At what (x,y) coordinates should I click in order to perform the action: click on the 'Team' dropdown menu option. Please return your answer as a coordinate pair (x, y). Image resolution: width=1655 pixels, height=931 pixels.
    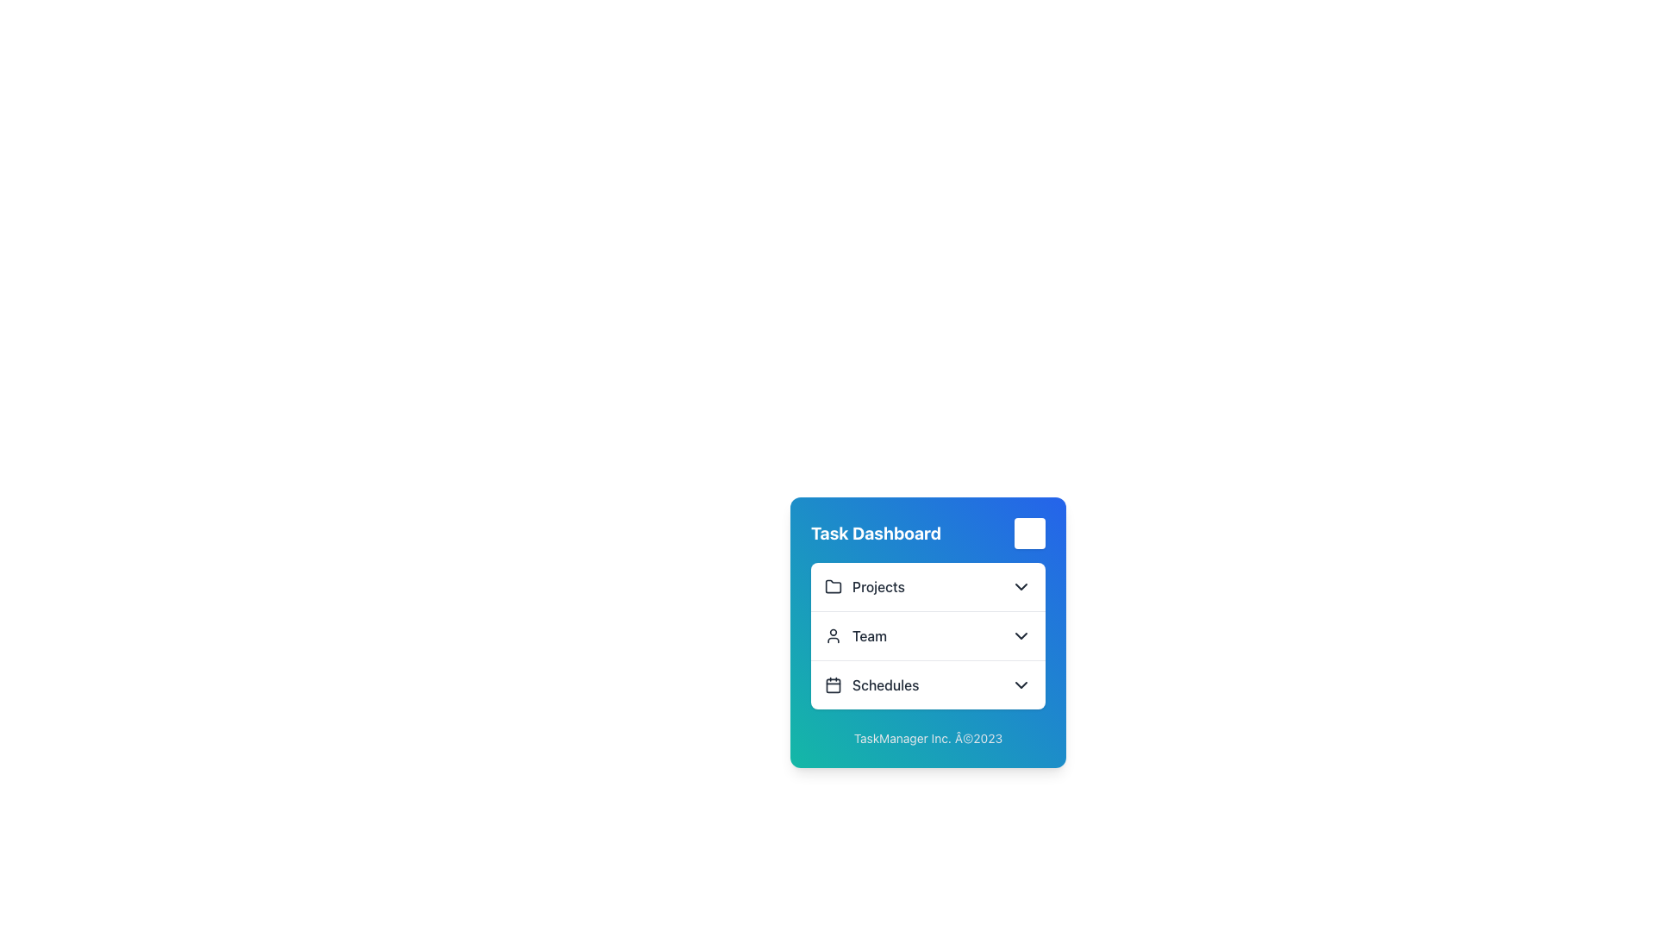
    Looking at the image, I should click on (927, 635).